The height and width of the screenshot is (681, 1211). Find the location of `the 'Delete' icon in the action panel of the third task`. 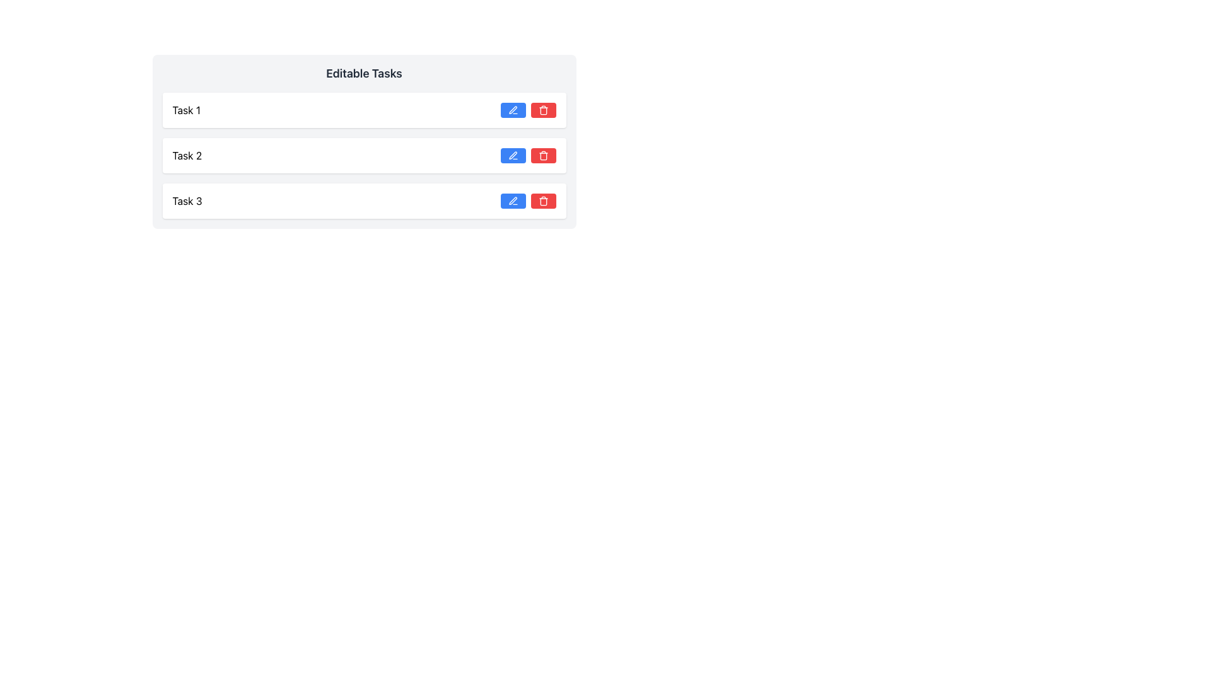

the 'Delete' icon in the action panel of the third task is located at coordinates (543, 109).